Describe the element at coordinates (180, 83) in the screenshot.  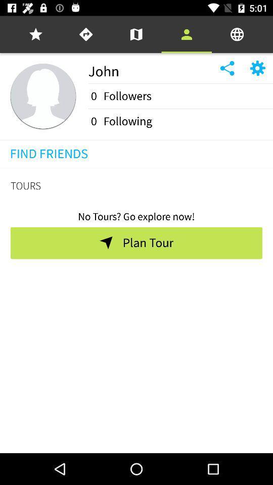
I see `icon above the 0` at that location.